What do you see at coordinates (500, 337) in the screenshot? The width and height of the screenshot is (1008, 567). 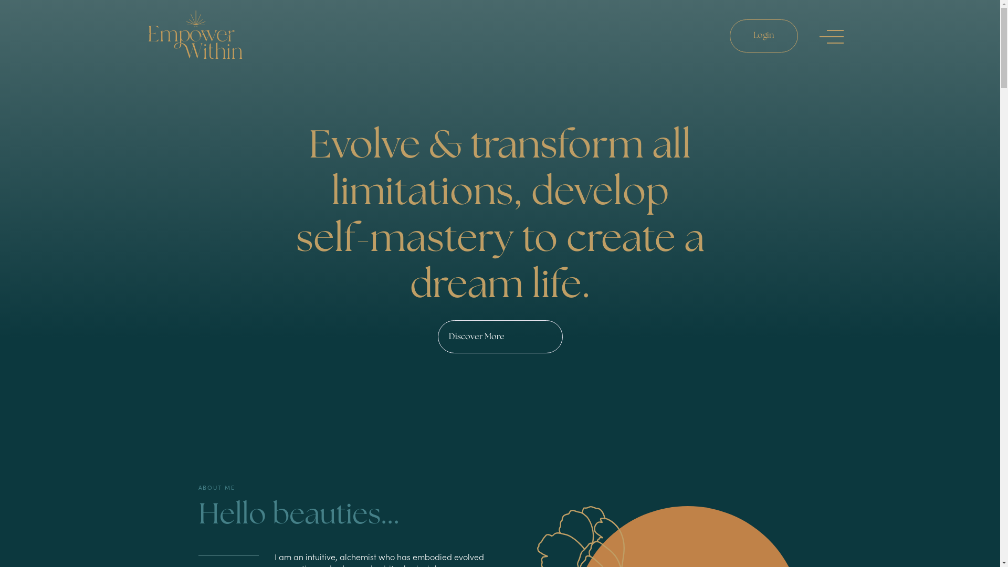 I see `'Discover More'` at bounding box center [500, 337].